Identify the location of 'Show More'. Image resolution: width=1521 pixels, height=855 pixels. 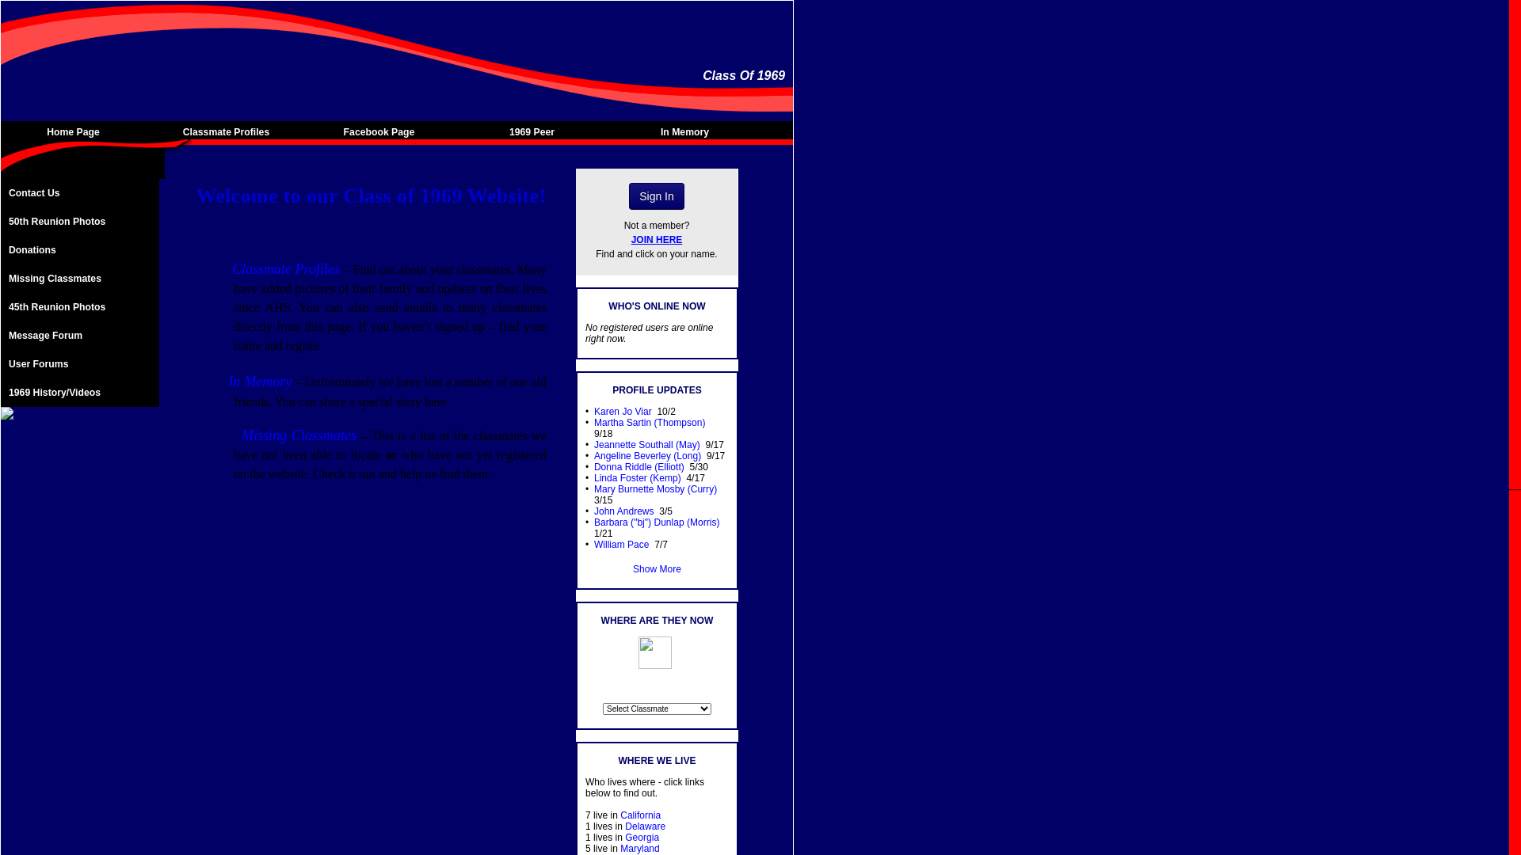
(657, 568).